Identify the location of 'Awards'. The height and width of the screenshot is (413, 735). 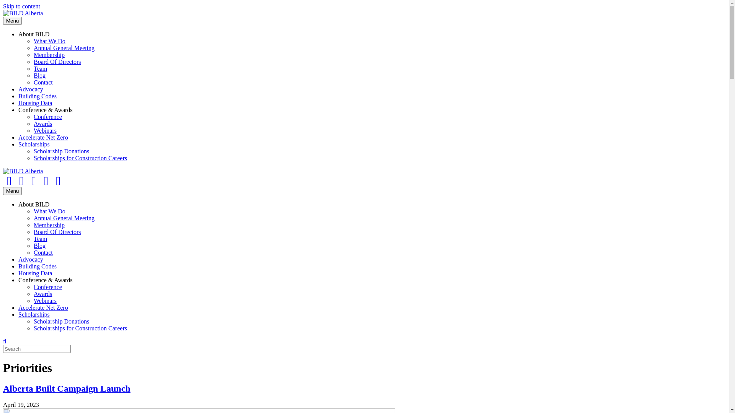
(42, 123).